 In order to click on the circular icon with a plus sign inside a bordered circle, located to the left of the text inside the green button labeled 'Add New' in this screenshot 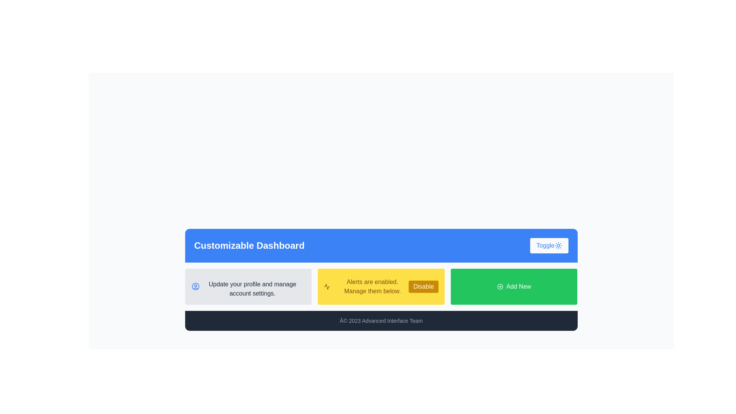, I will do `click(500, 287)`.